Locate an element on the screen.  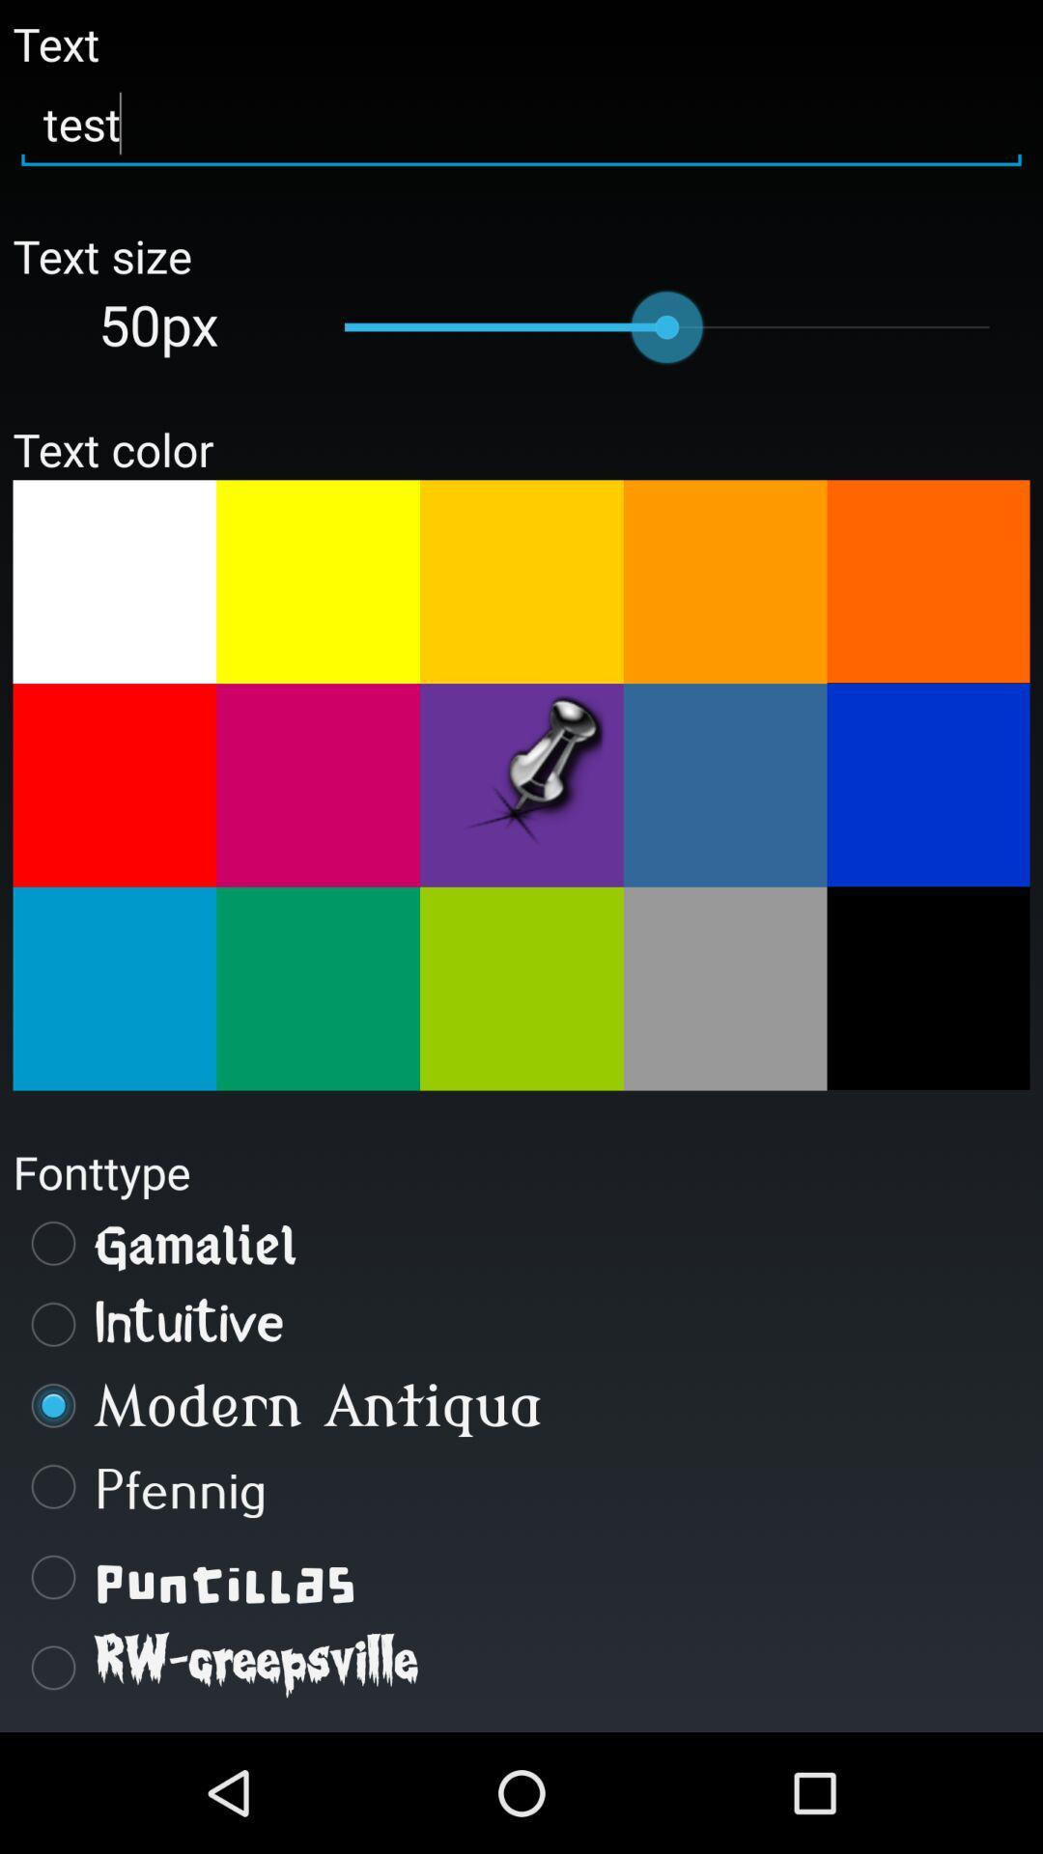
text color is located at coordinates (927, 580).